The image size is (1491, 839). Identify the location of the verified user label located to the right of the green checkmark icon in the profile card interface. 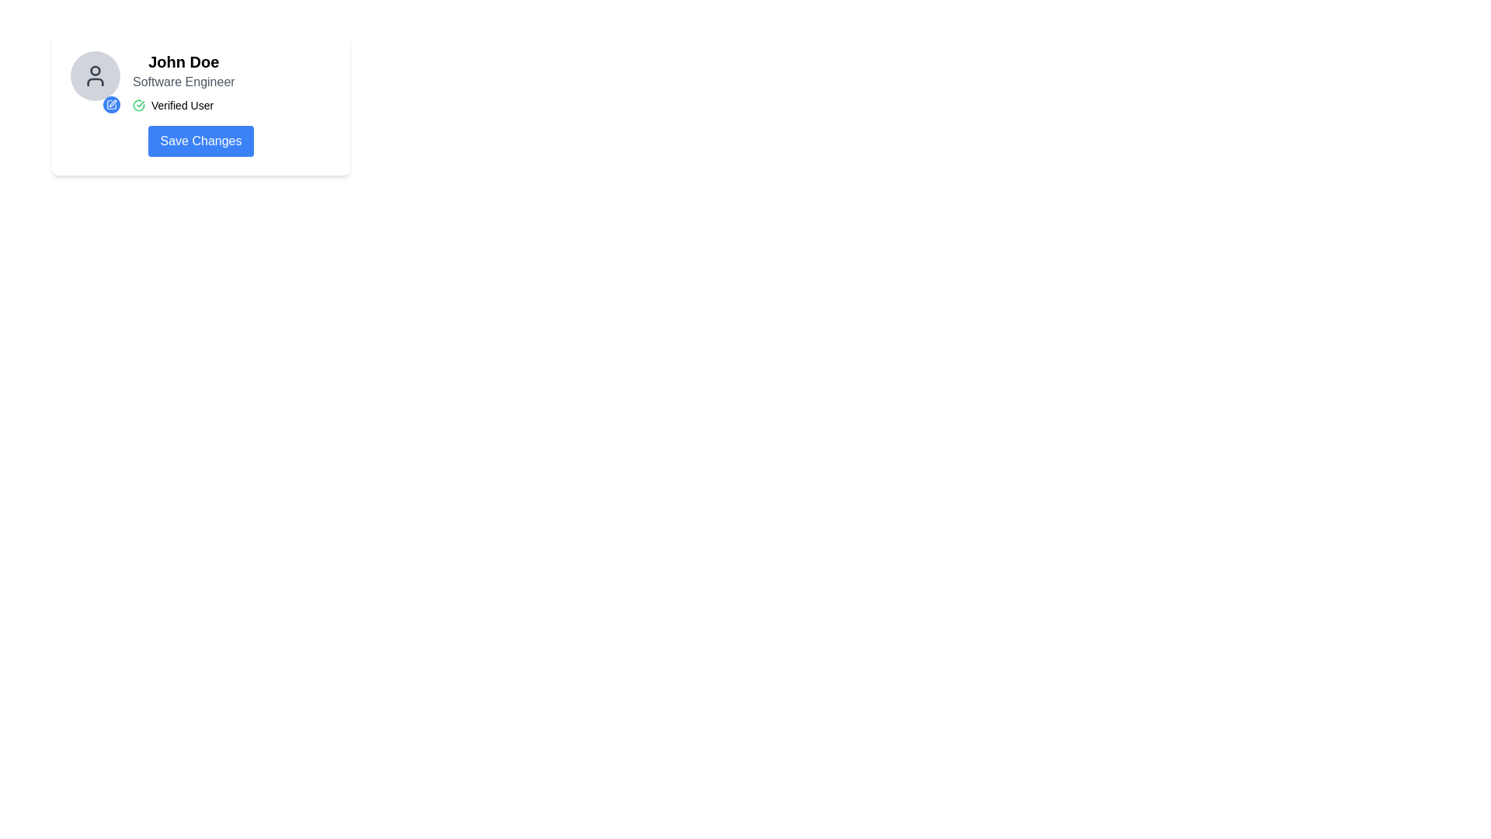
(182, 105).